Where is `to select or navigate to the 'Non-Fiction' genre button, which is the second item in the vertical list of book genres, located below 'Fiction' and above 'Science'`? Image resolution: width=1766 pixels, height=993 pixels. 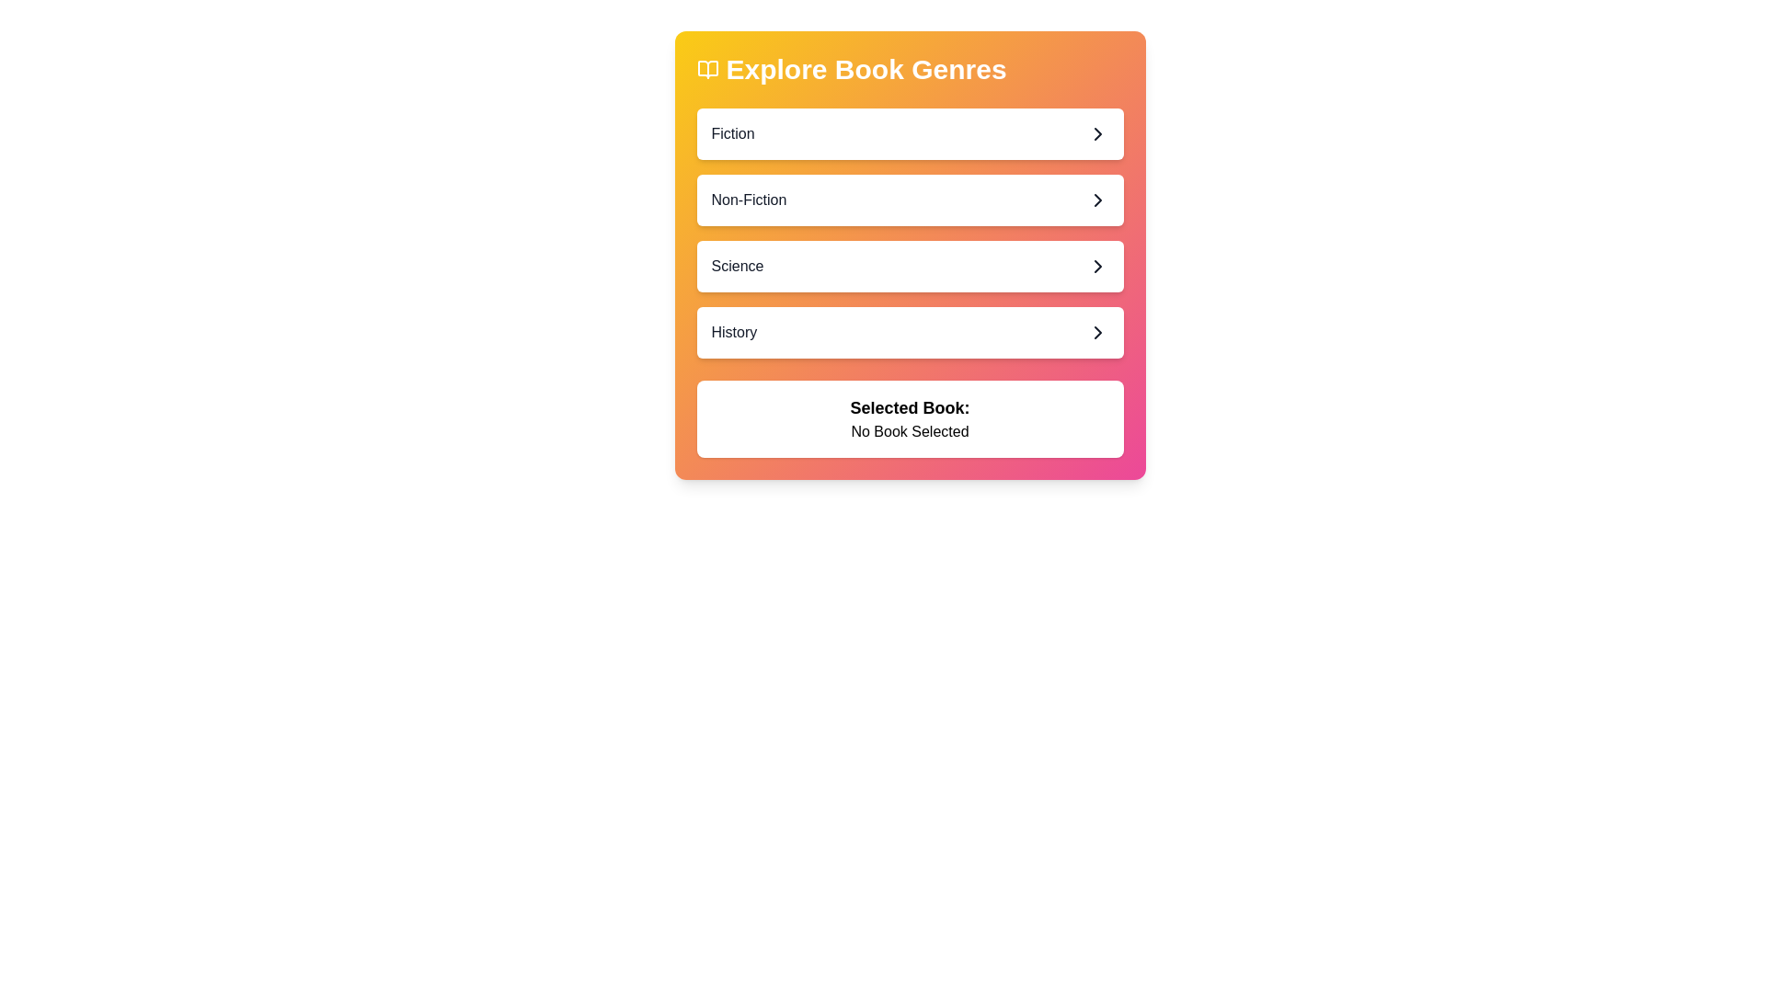 to select or navigate to the 'Non-Fiction' genre button, which is the second item in the vertical list of book genres, located below 'Fiction' and above 'Science' is located at coordinates (910, 200).